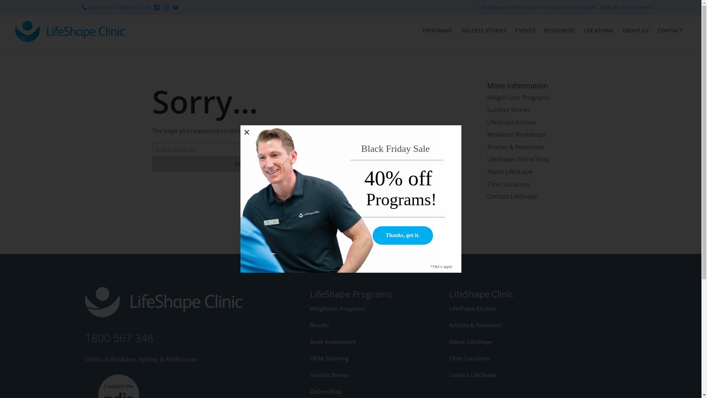 Image resolution: width=707 pixels, height=398 pixels. Describe the element at coordinates (119, 338) in the screenshot. I see `'1800 567 348'` at that location.